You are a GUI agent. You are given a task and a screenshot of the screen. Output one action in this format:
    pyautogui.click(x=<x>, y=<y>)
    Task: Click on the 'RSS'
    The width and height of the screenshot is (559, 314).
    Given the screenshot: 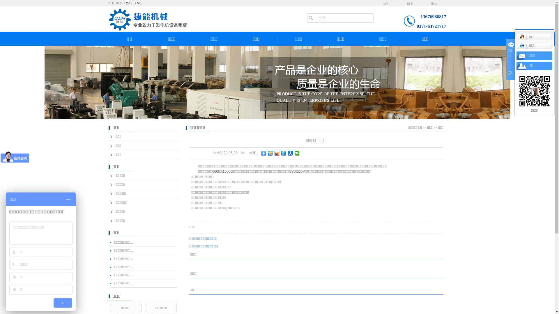 What is the action you would take?
    pyautogui.click(x=128, y=3)
    